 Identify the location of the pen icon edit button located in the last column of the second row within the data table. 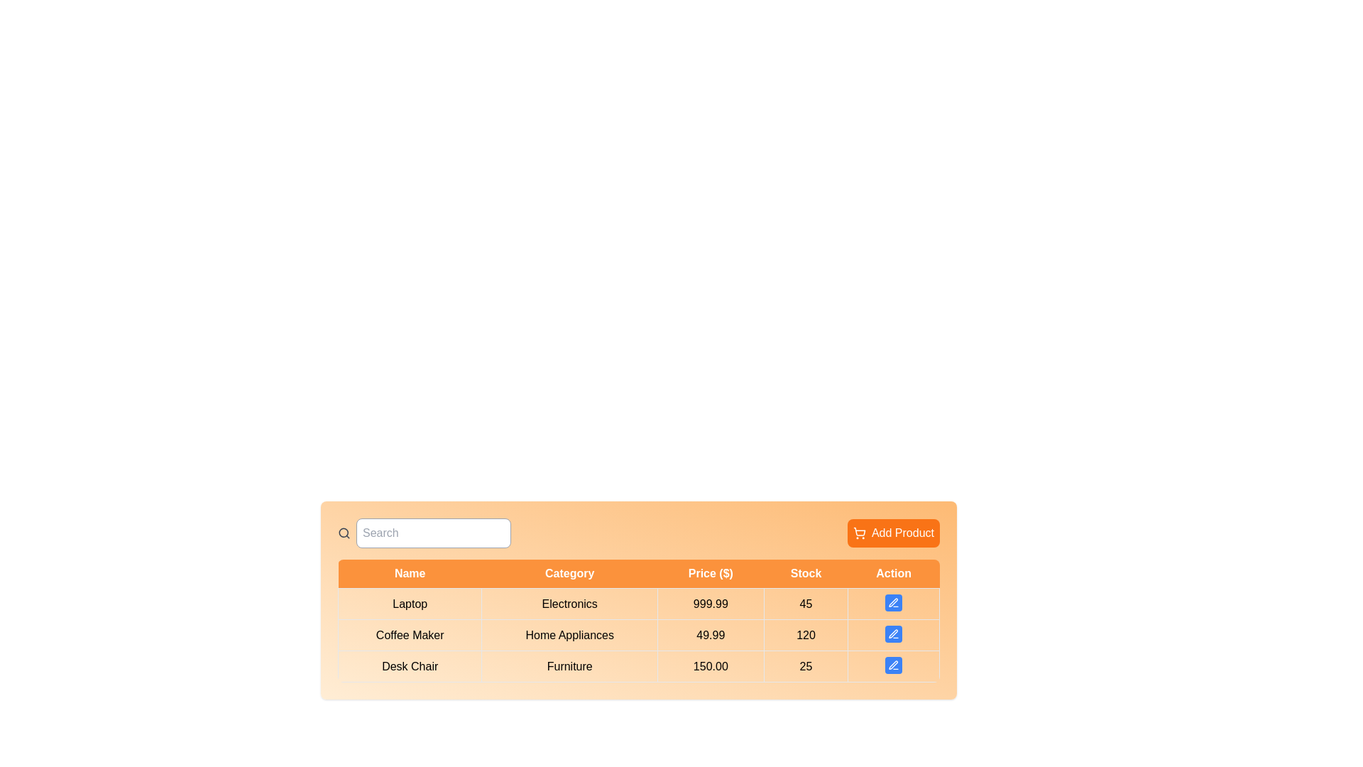
(893, 633).